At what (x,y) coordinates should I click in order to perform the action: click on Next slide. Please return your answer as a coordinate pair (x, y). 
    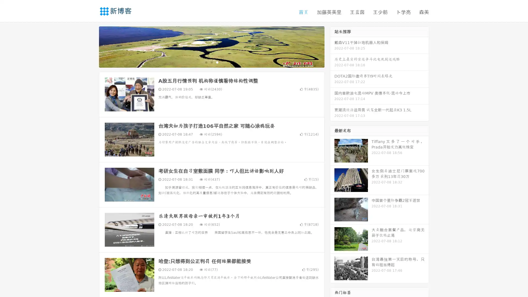
    Looking at the image, I should click on (332, 46).